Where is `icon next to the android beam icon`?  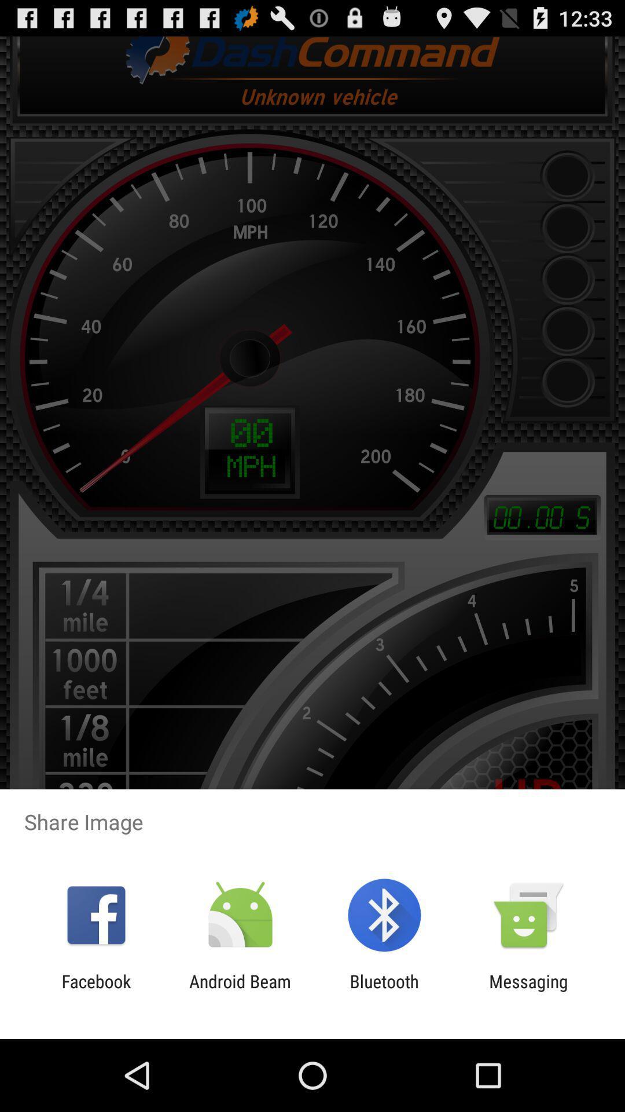 icon next to the android beam icon is located at coordinates (95, 991).